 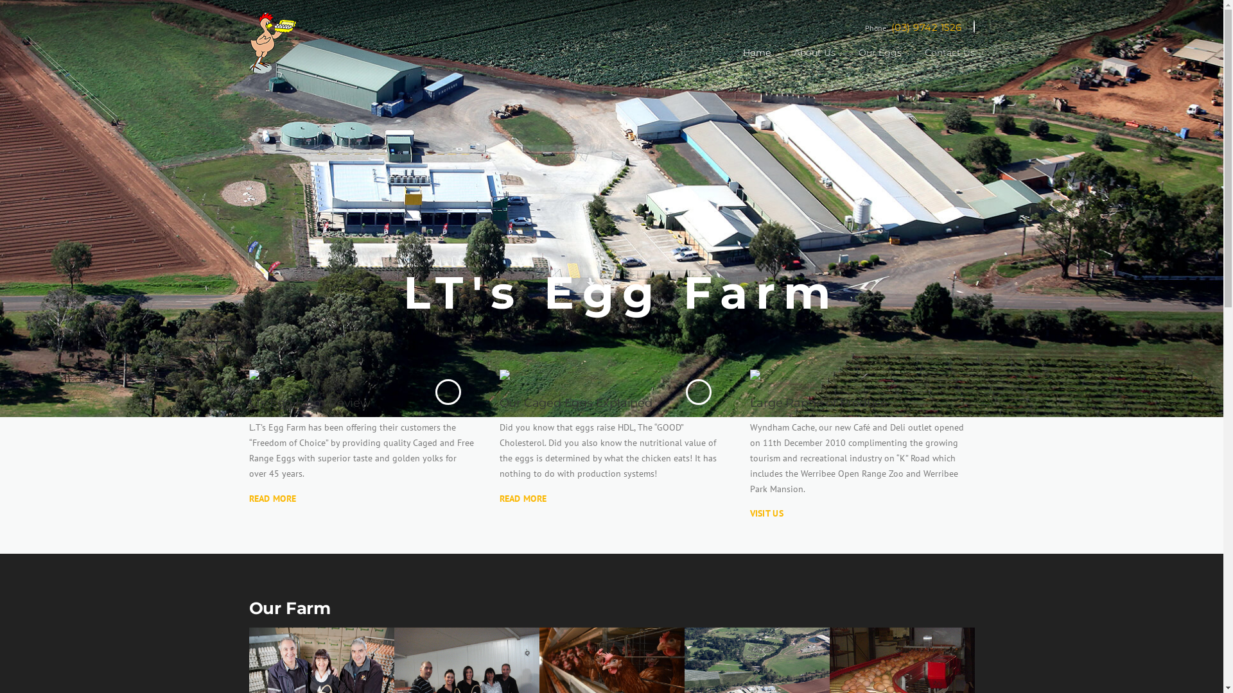 What do you see at coordinates (249, 41) in the screenshot?
I see `'LTs Eggs'` at bounding box center [249, 41].